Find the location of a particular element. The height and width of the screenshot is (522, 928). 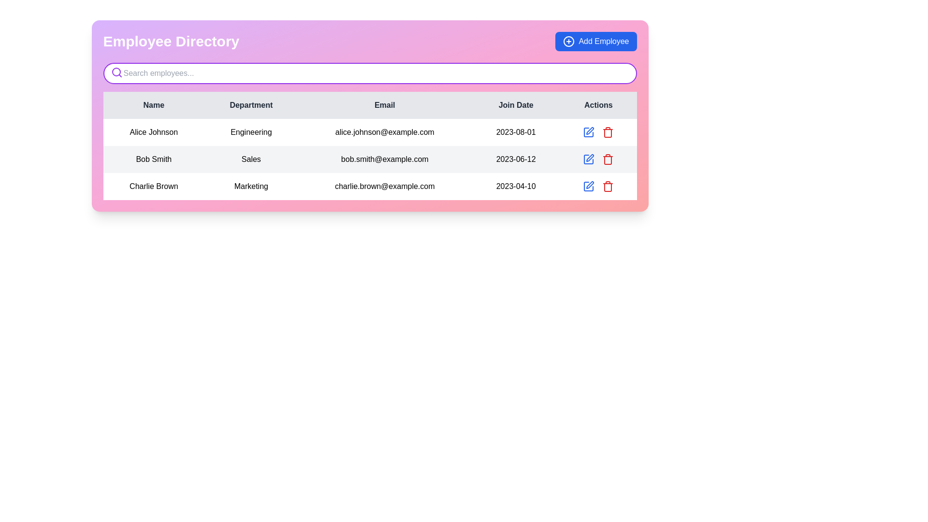

the pen-shaped icon in the 'Actions' column of the table, specifically in the second row associated with 'Bob Smith, Sales' is located at coordinates (590, 158).